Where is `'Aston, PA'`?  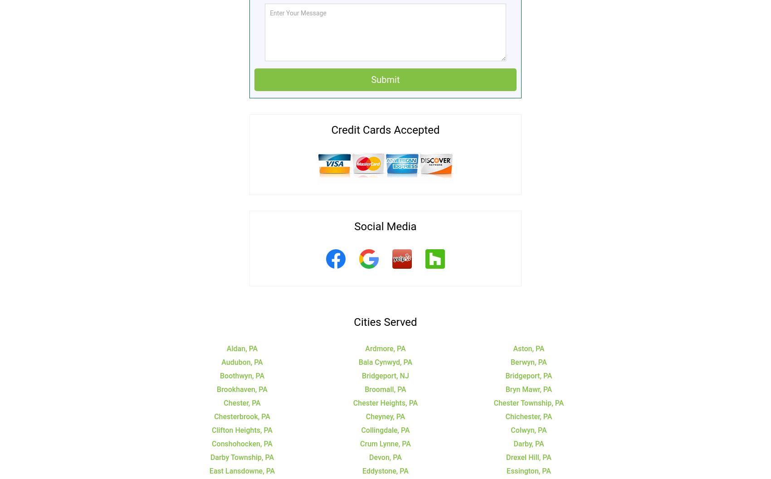 'Aston, PA' is located at coordinates (528, 348).